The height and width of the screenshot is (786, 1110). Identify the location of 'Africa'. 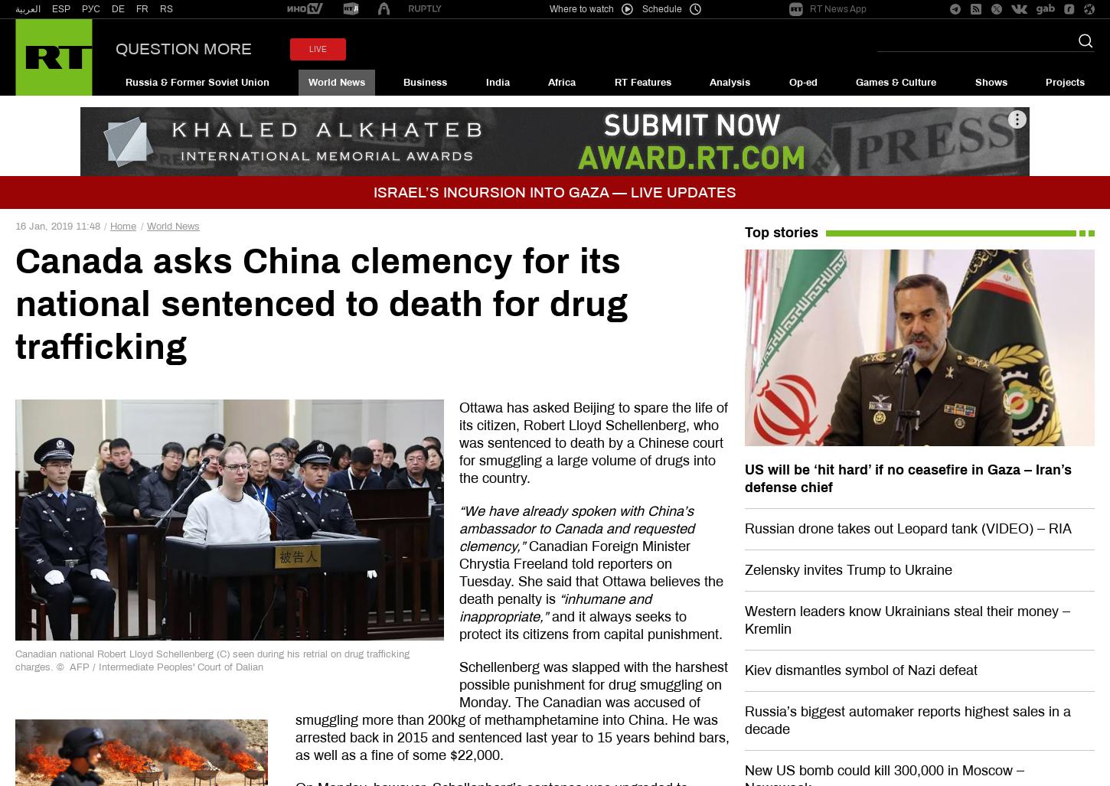
(561, 81).